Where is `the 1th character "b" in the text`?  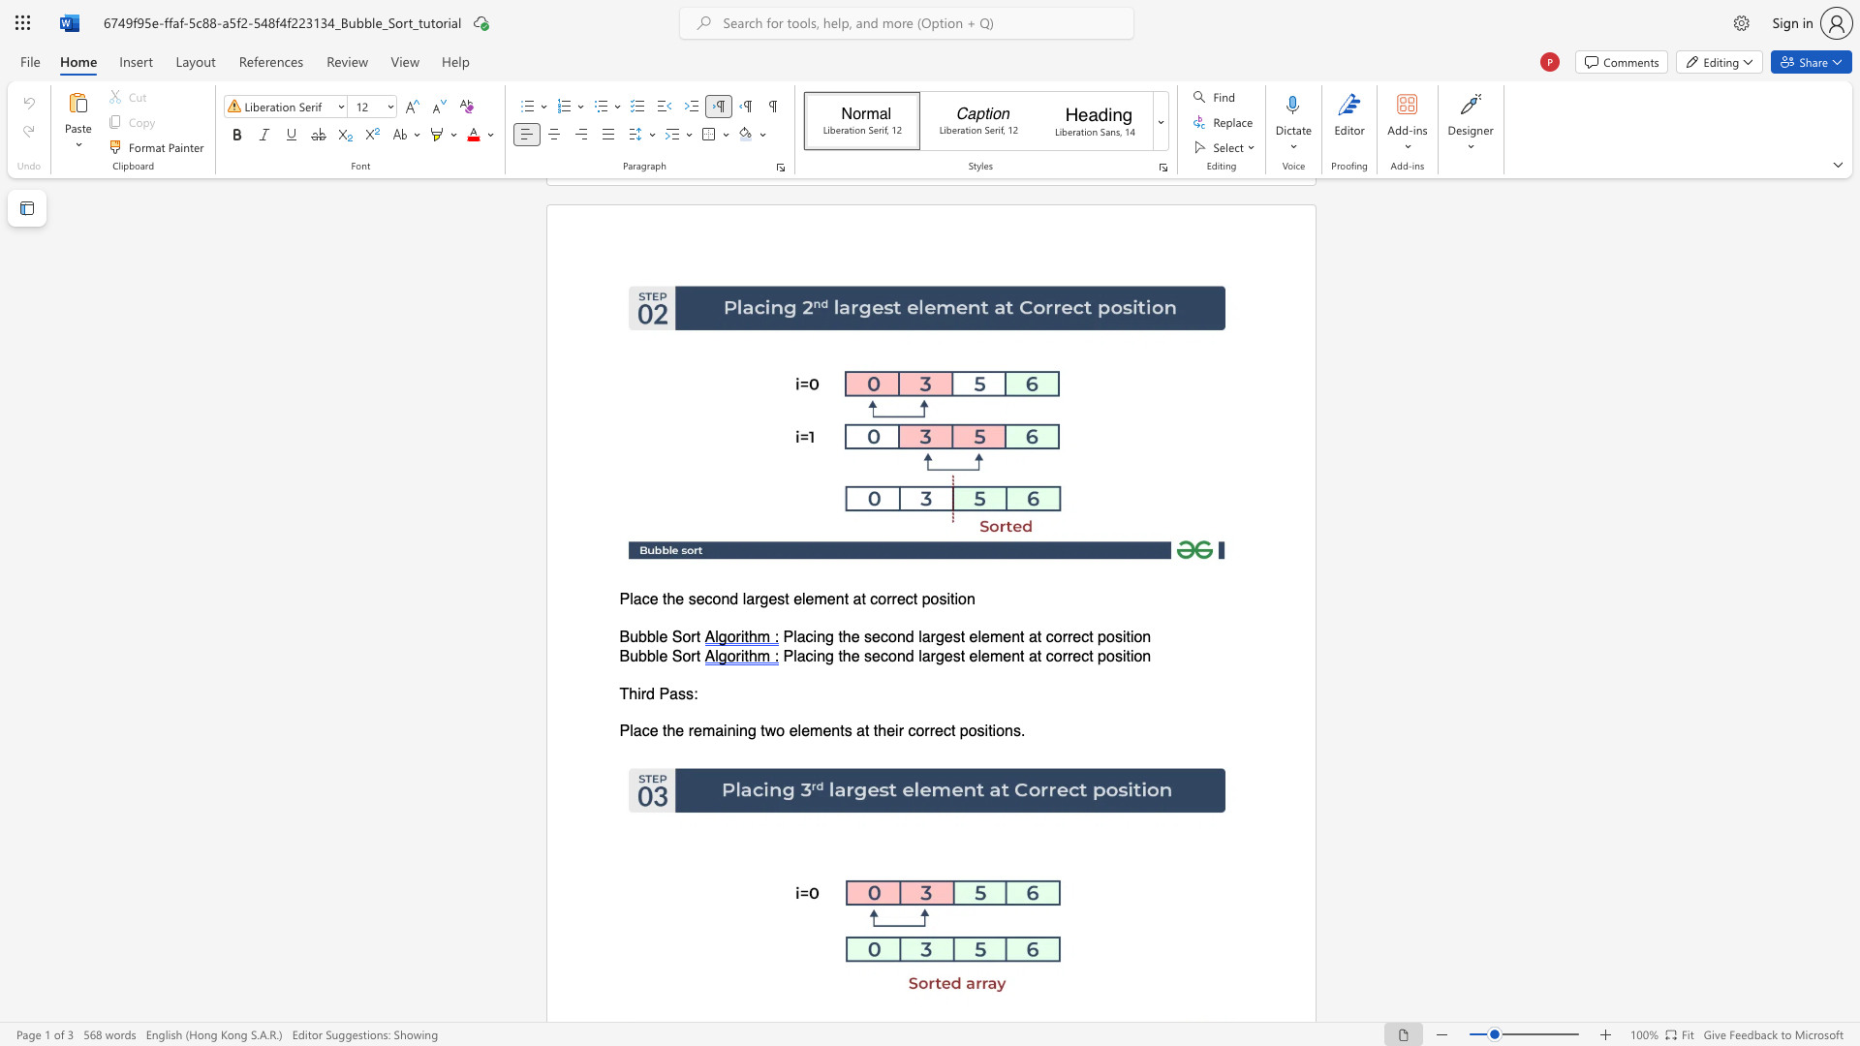
the 1th character "b" in the text is located at coordinates (642, 655).